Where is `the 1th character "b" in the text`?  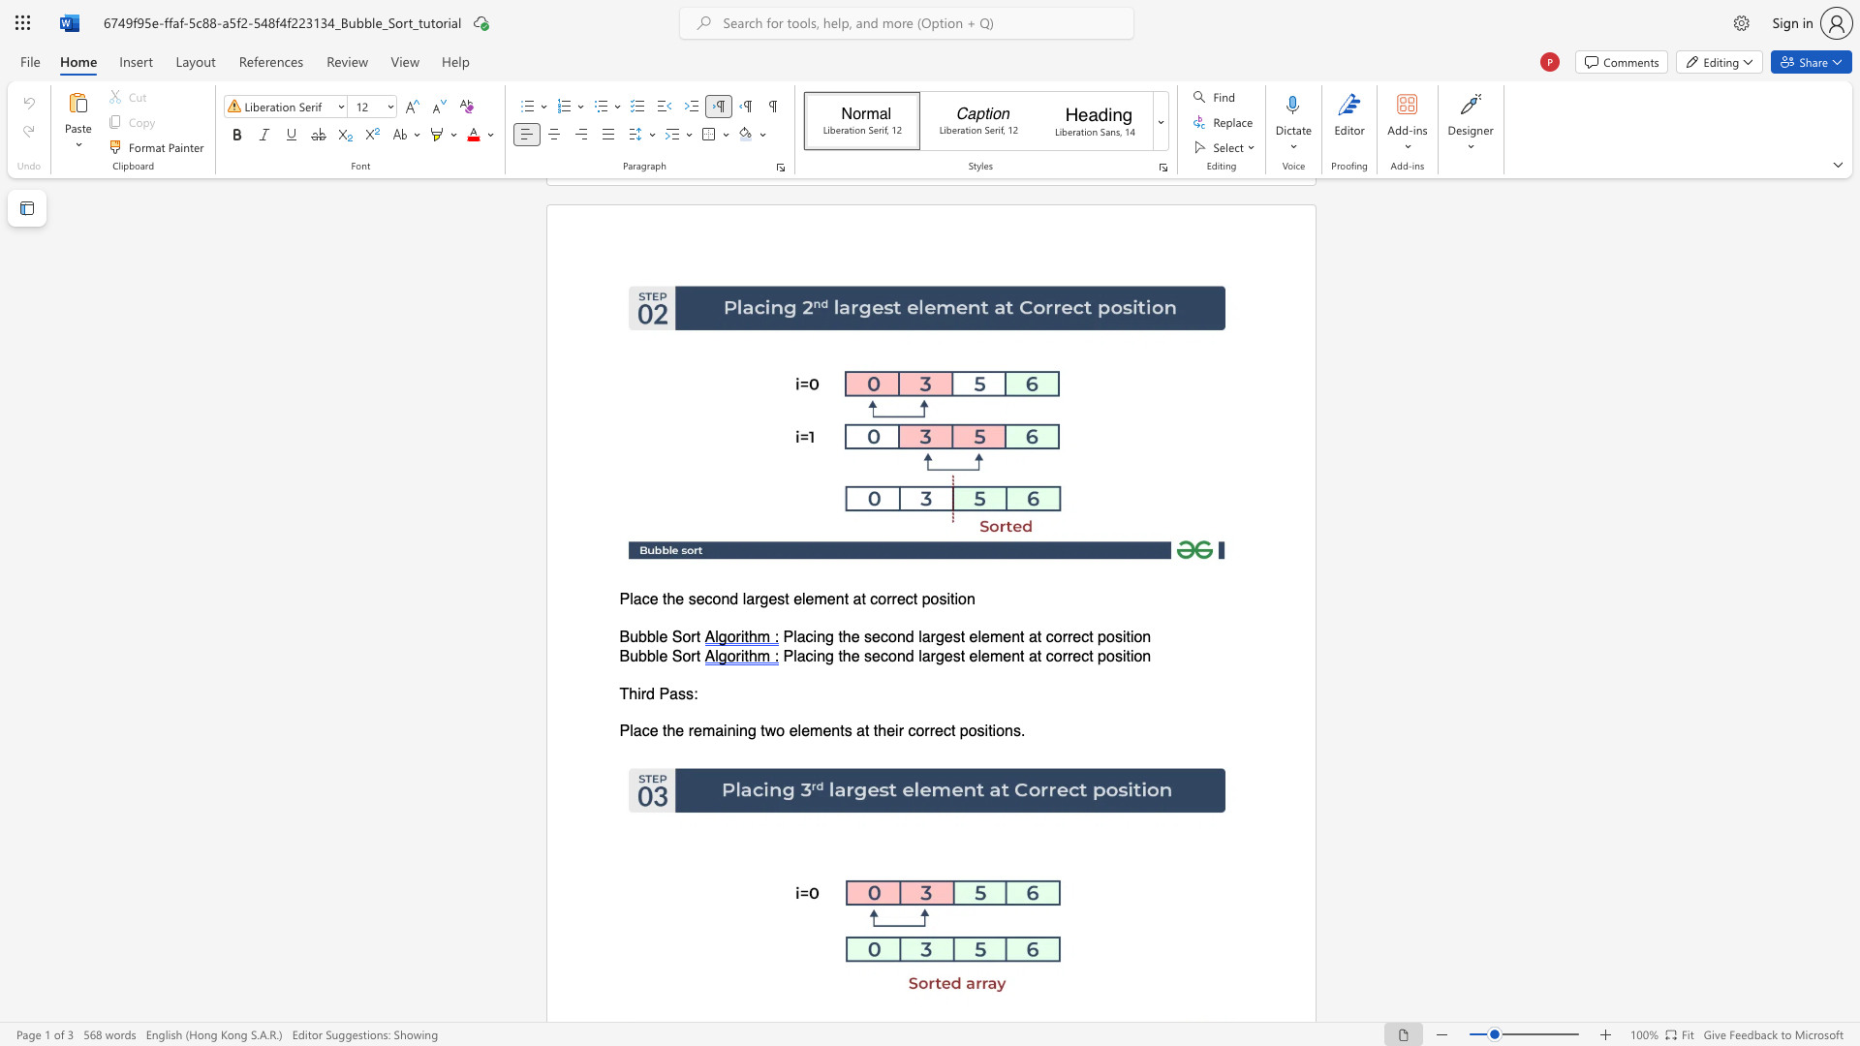
the 1th character "b" in the text is located at coordinates (642, 655).